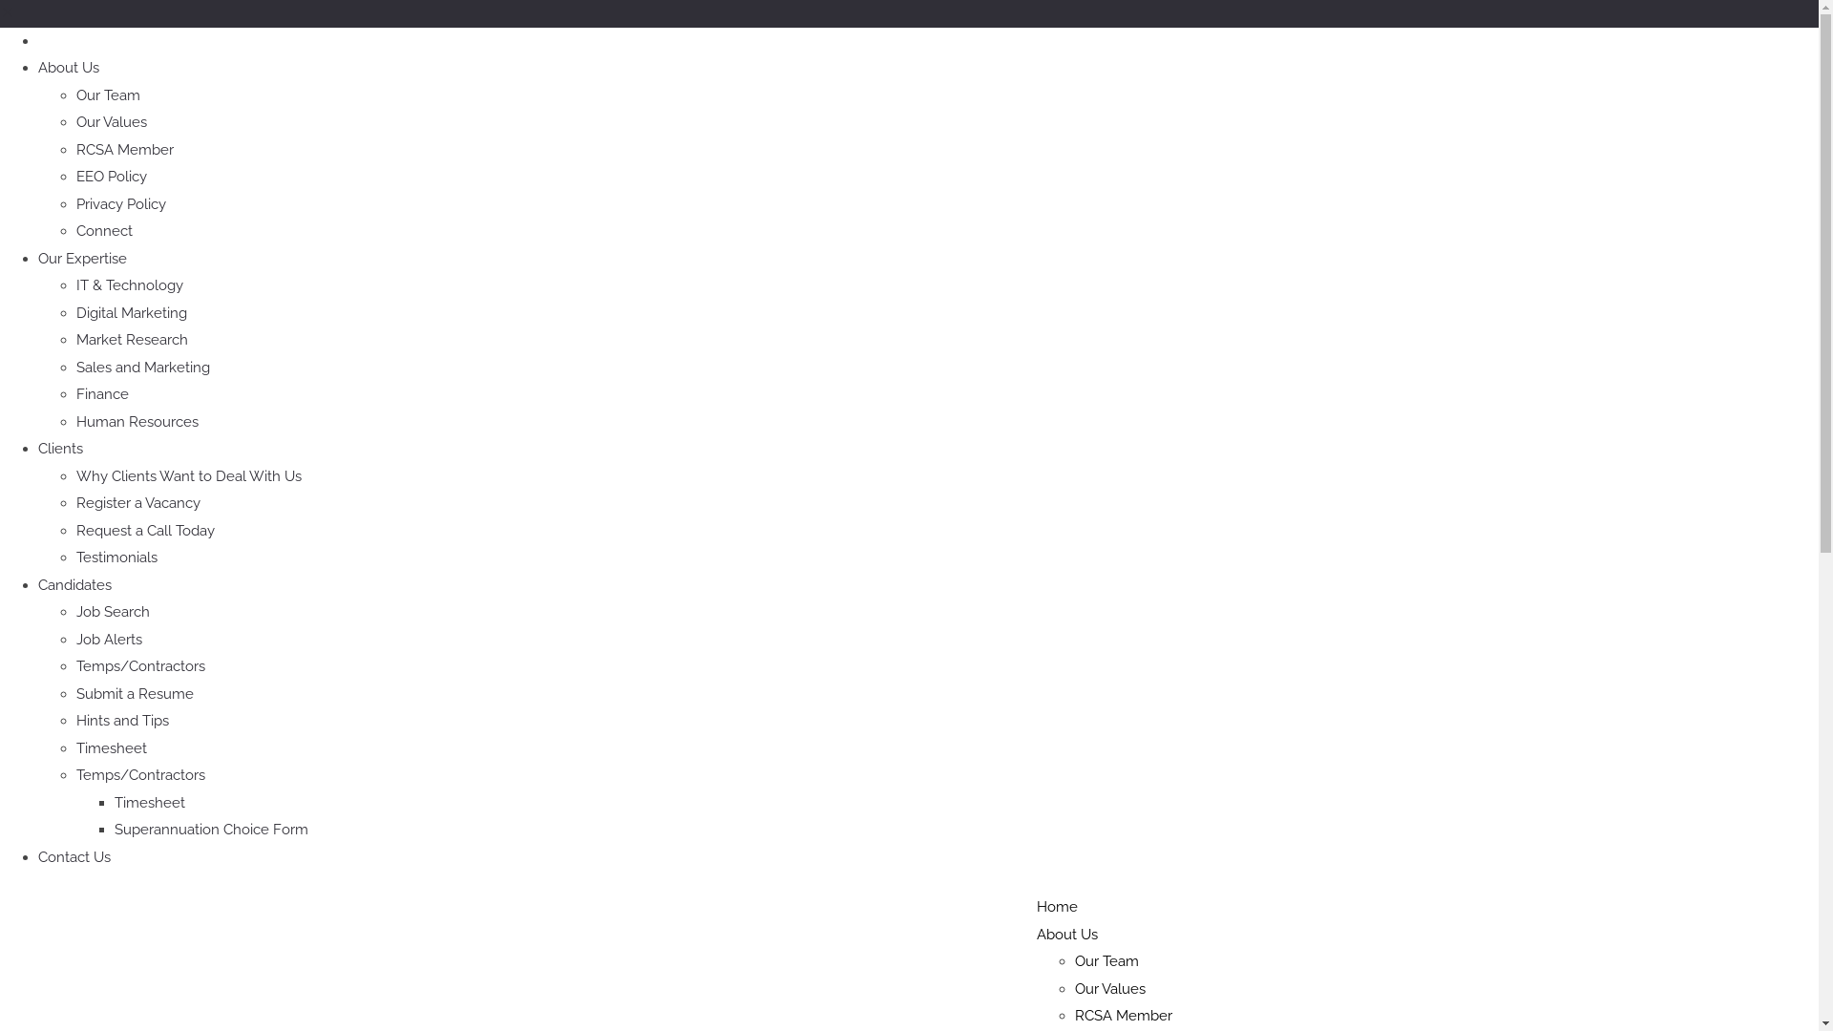 The height and width of the screenshot is (1031, 1833). Describe the element at coordinates (112, 611) in the screenshot. I see `'Job Search'` at that location.